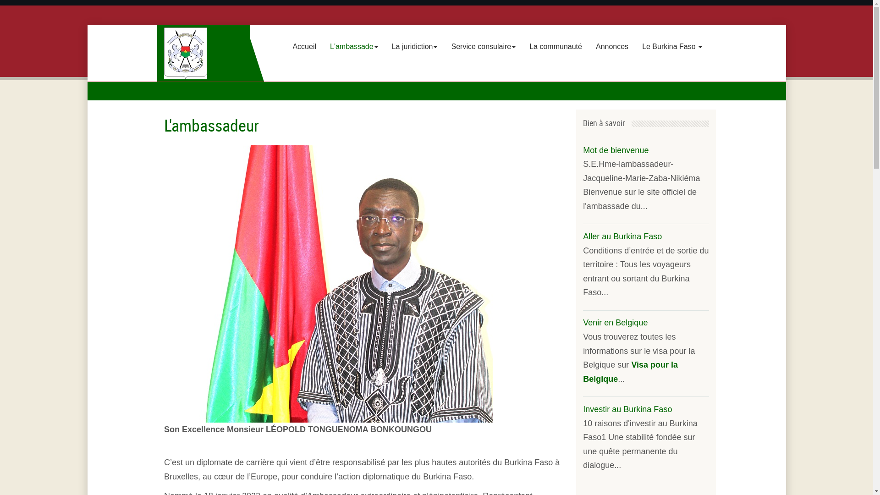 The width and height of the screenshot is (880, 495). Describe the element at coordinates (612, 46) in the screenshot. I see `'Annonces'` at that location.